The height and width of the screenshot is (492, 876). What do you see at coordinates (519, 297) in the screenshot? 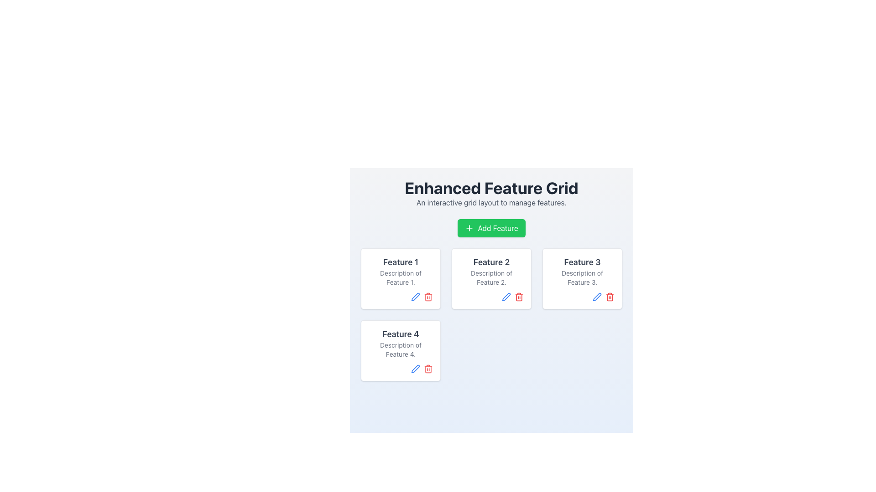
I see `the delete icon button located at the bottom-right corner of the card labeled 'Feature 2' to potentially display a tooltip` at bounding box center [519, 297].